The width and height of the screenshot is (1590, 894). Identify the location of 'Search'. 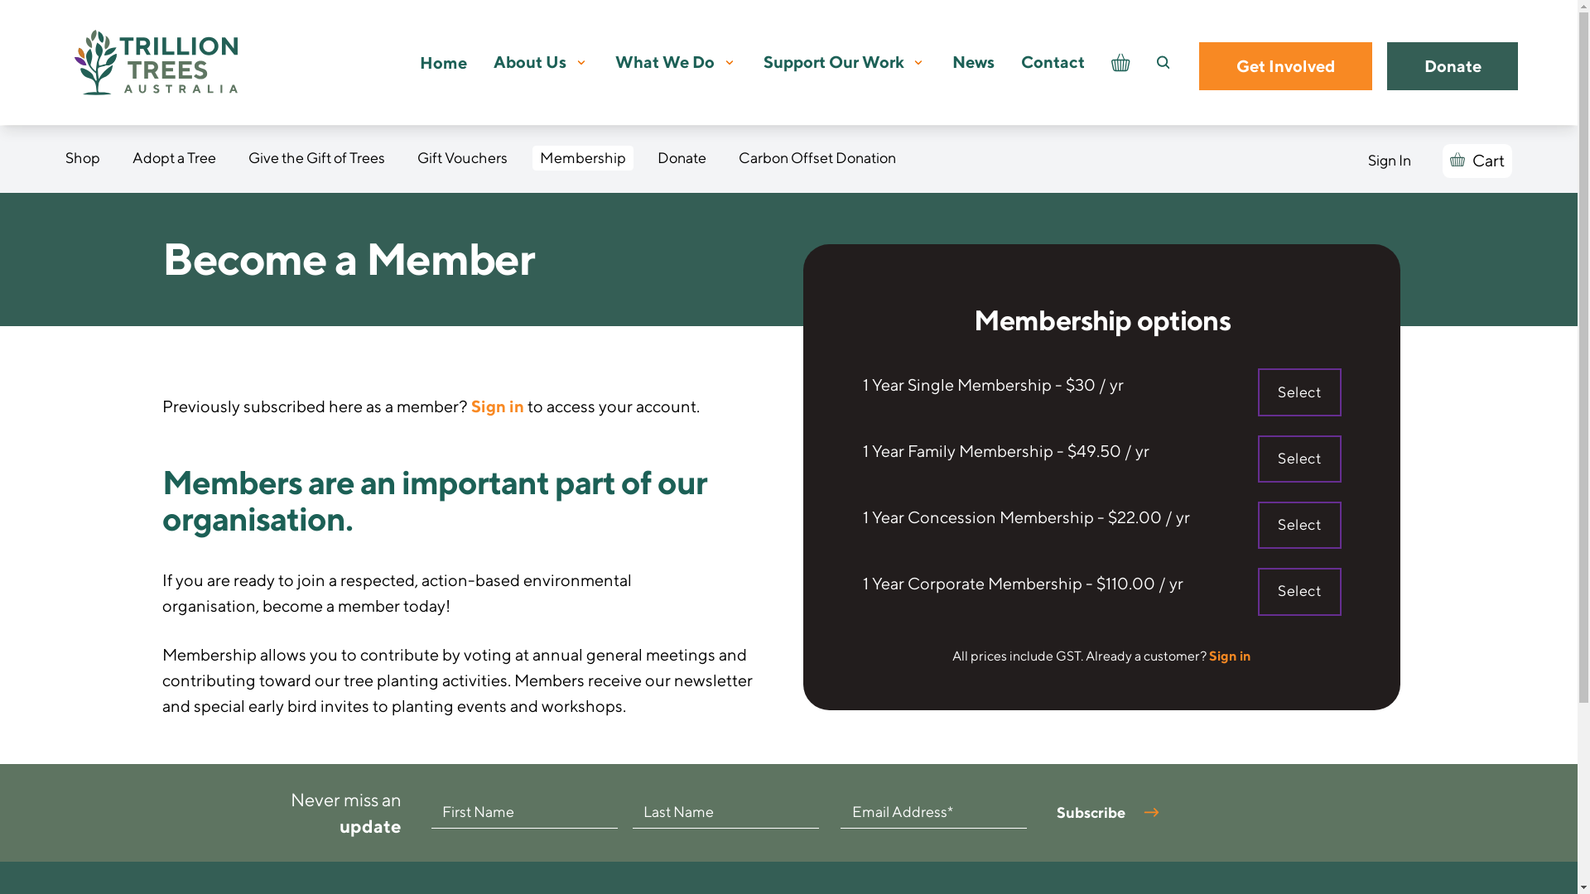
(1155, 62).